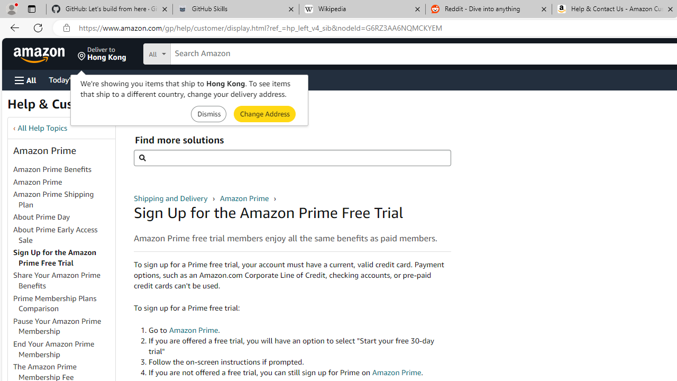 This screenshot has height=381, width=677. What do you see at coordinates (63, 169) in the screenshot?
I see `'Amazon Prime Benefits'` at bounding box center [63, 169].